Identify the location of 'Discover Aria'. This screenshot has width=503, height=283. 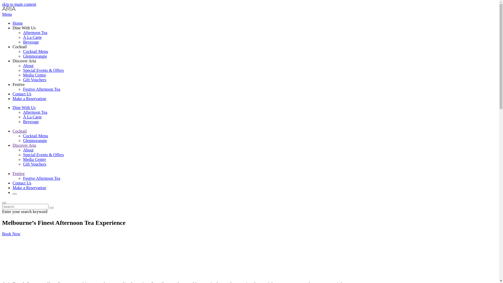
(13, 145).